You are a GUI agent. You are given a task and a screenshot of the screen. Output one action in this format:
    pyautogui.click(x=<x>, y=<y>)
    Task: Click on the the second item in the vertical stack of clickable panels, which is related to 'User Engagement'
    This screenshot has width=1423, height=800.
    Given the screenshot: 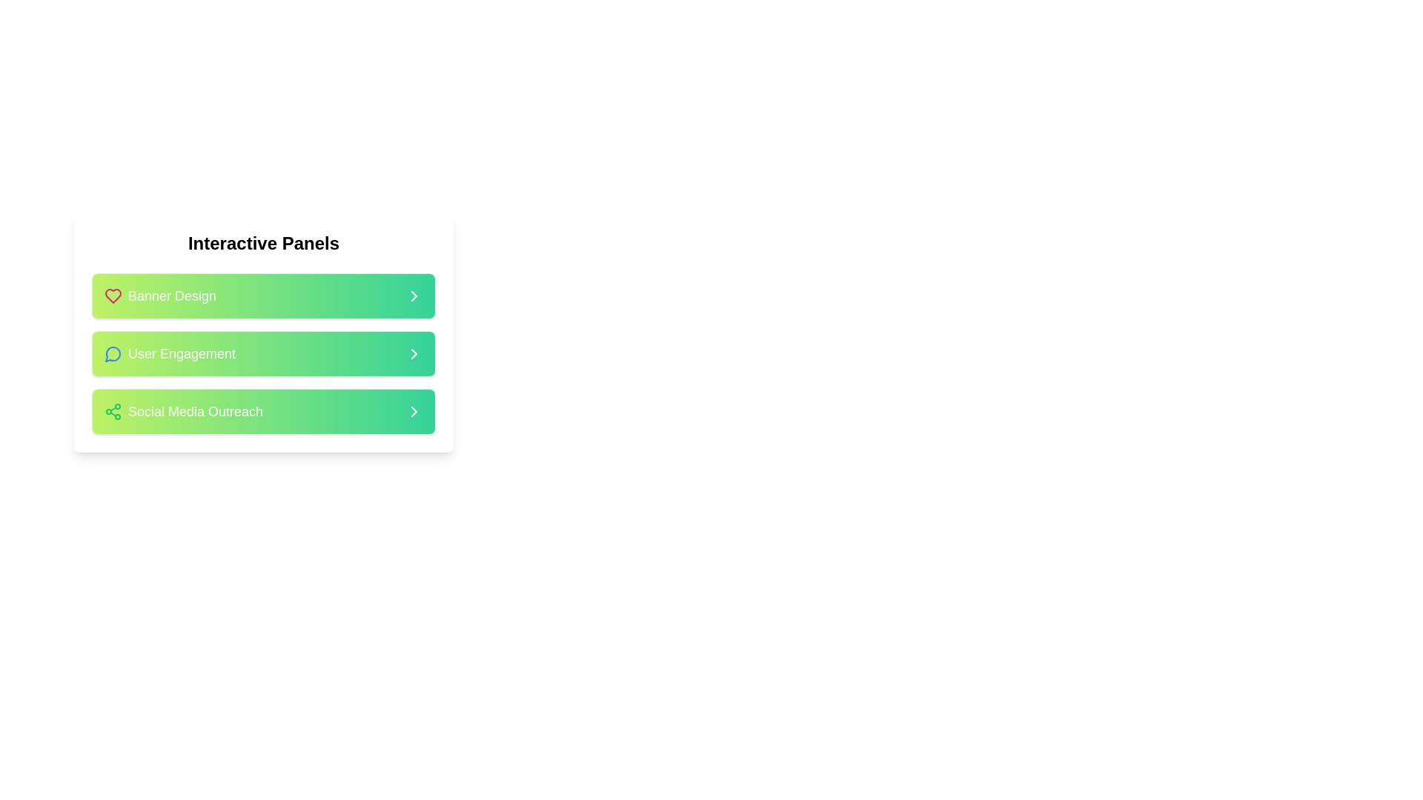 What is the action you would take?
    pyautogui.click(x=263, y=354)
    